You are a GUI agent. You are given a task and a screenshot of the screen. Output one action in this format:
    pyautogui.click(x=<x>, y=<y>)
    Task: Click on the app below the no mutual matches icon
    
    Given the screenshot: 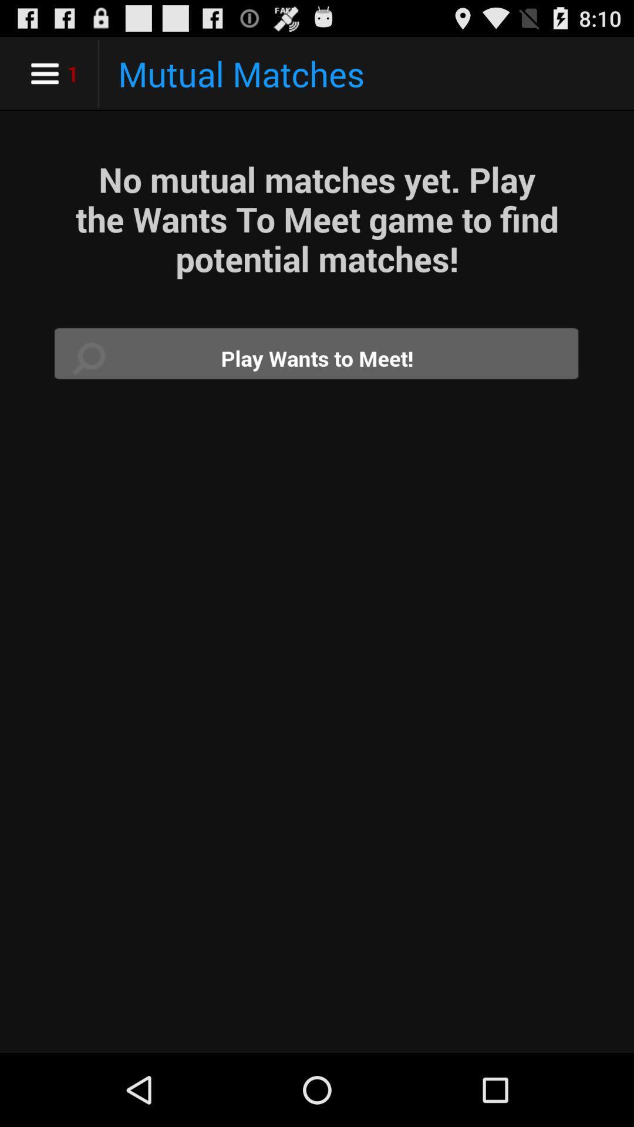 What is the action you would take?
    pyautogui.click(x=317, y=357)
    